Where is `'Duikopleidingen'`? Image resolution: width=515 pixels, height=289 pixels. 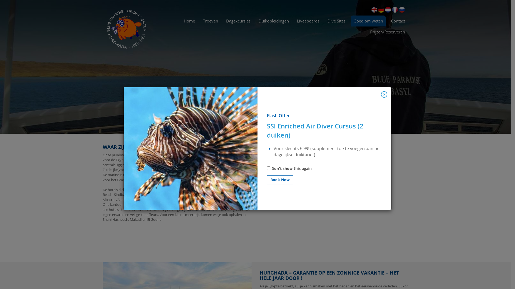 'Duikopleidingen' is located at coordinates (274, 21).